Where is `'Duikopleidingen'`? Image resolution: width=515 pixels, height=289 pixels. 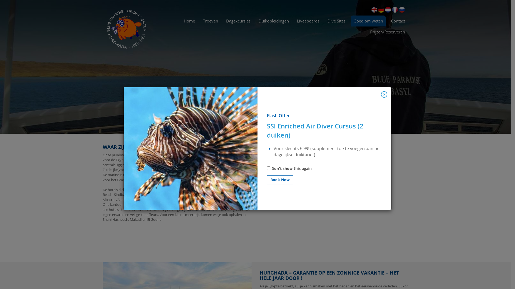 'Duikopleidingen' is located at coordinates (274, 21).